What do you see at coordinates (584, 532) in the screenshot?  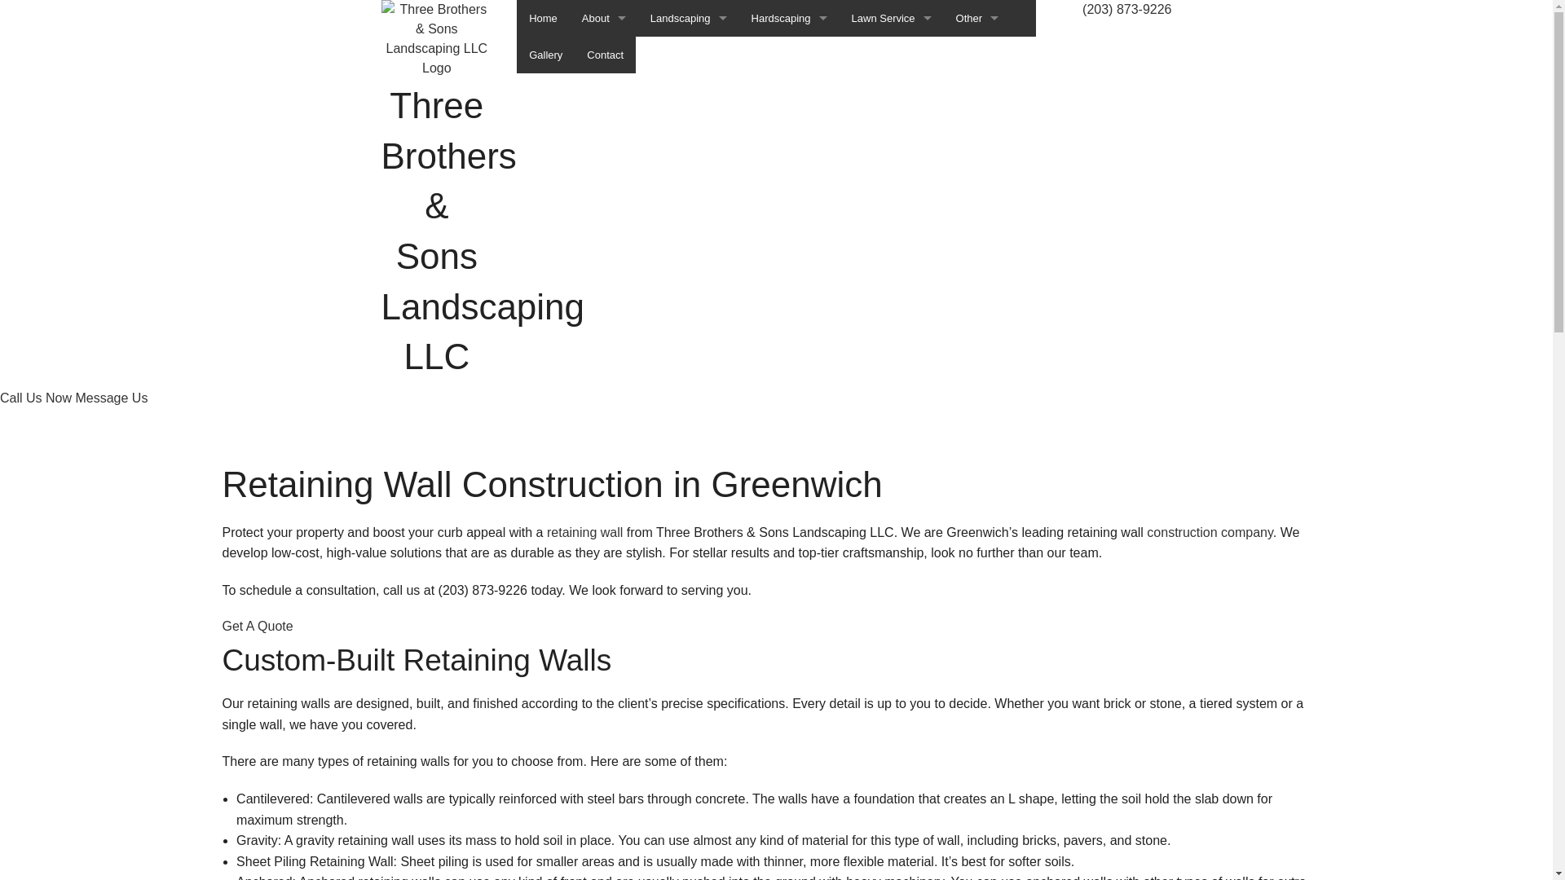 I see `'retaining wall'` at bounding box center [584, 532].